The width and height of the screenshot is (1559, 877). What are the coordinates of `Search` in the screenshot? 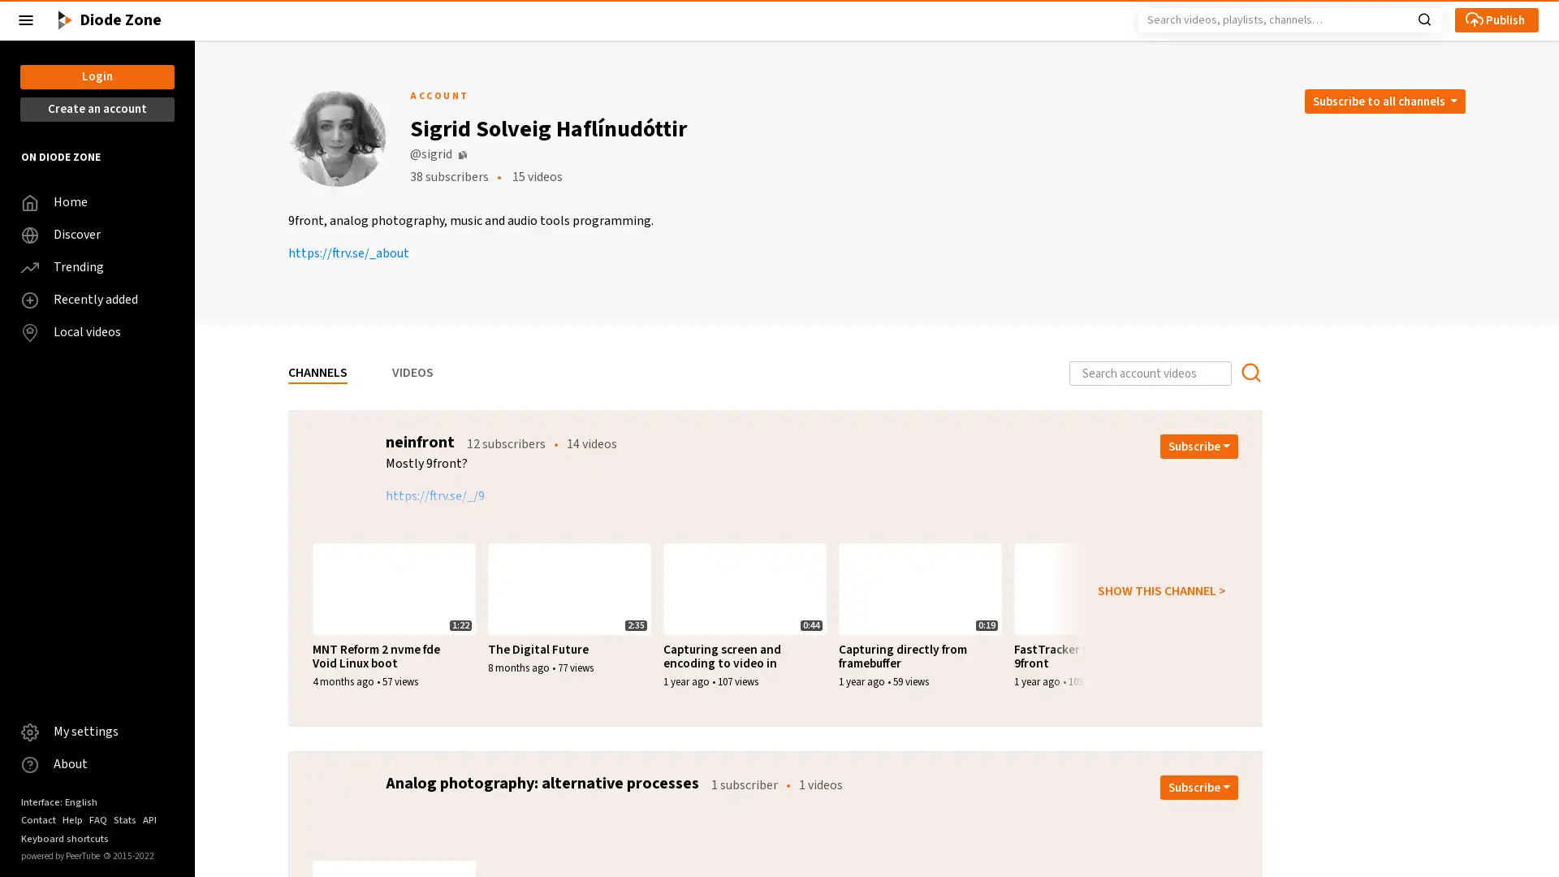 It's located at (1250, 373).